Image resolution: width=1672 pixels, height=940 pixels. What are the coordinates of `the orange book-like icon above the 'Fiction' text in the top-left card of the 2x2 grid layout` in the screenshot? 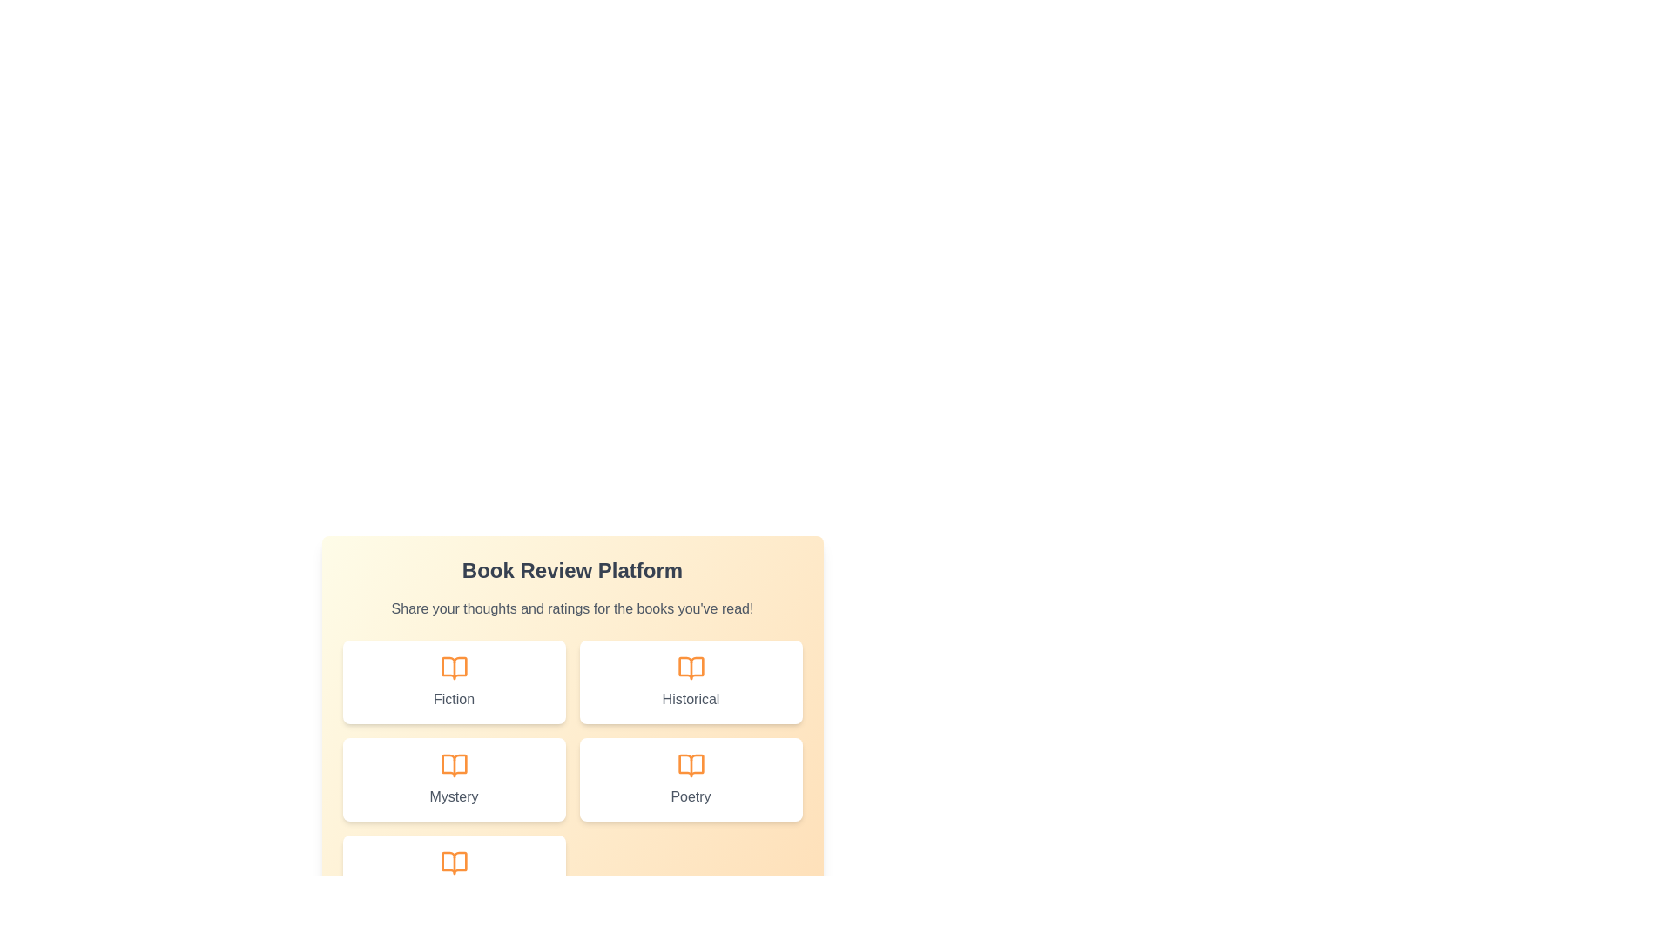 It's located at (454, 667).